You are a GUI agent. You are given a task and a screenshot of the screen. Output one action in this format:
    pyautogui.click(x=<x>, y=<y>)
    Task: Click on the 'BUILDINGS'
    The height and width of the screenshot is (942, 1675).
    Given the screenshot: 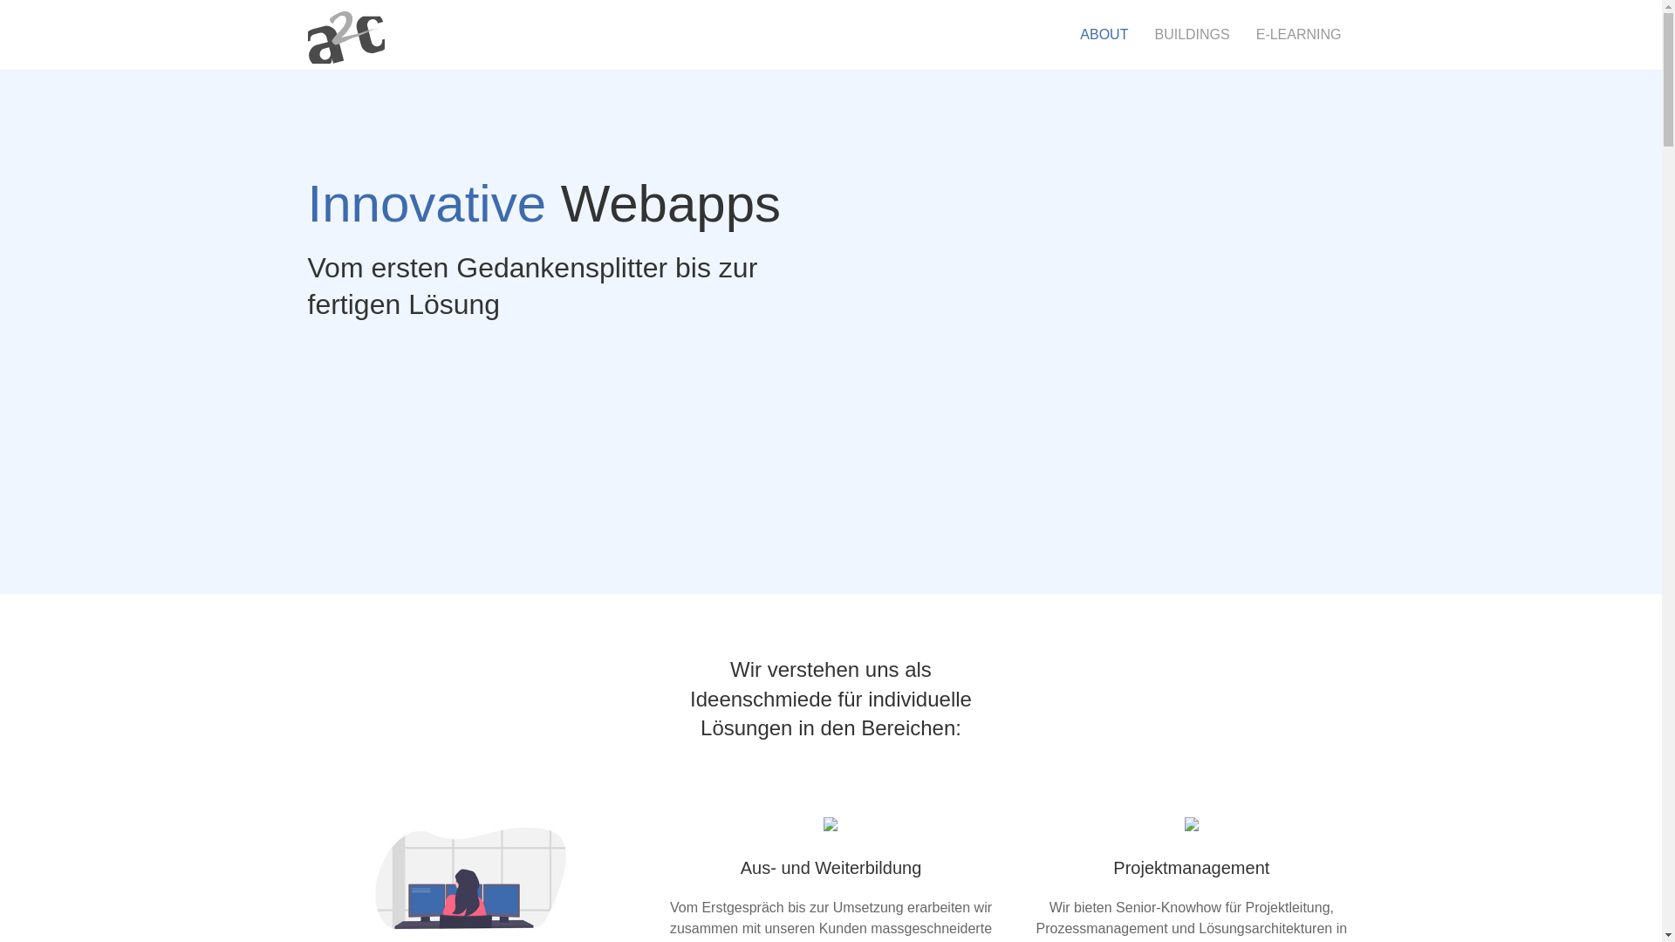 What is the action you would take?
    pyautogui.click(x=1141, y=34)
    